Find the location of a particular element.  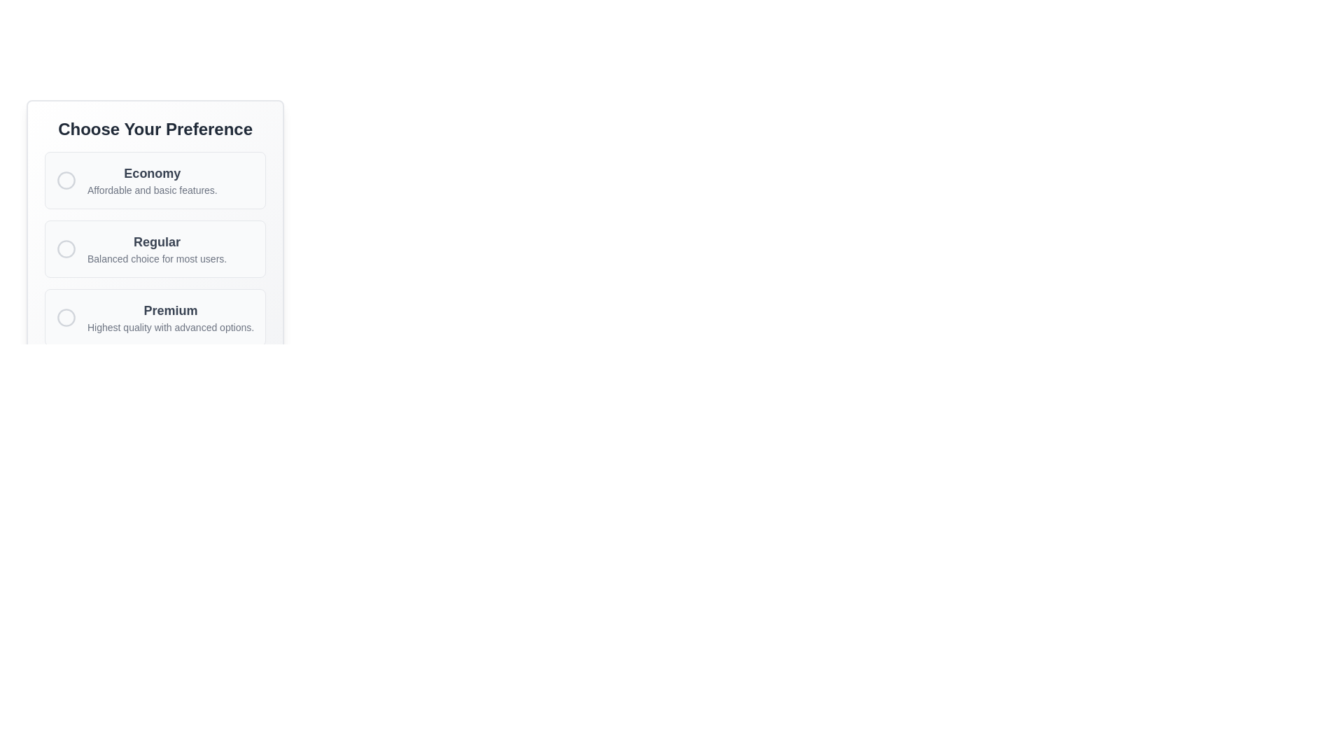

the inactive circular radio button located to the left of the 'Premium' text under the 'Choose Your Preference' header is located at coordinates (66, 318).